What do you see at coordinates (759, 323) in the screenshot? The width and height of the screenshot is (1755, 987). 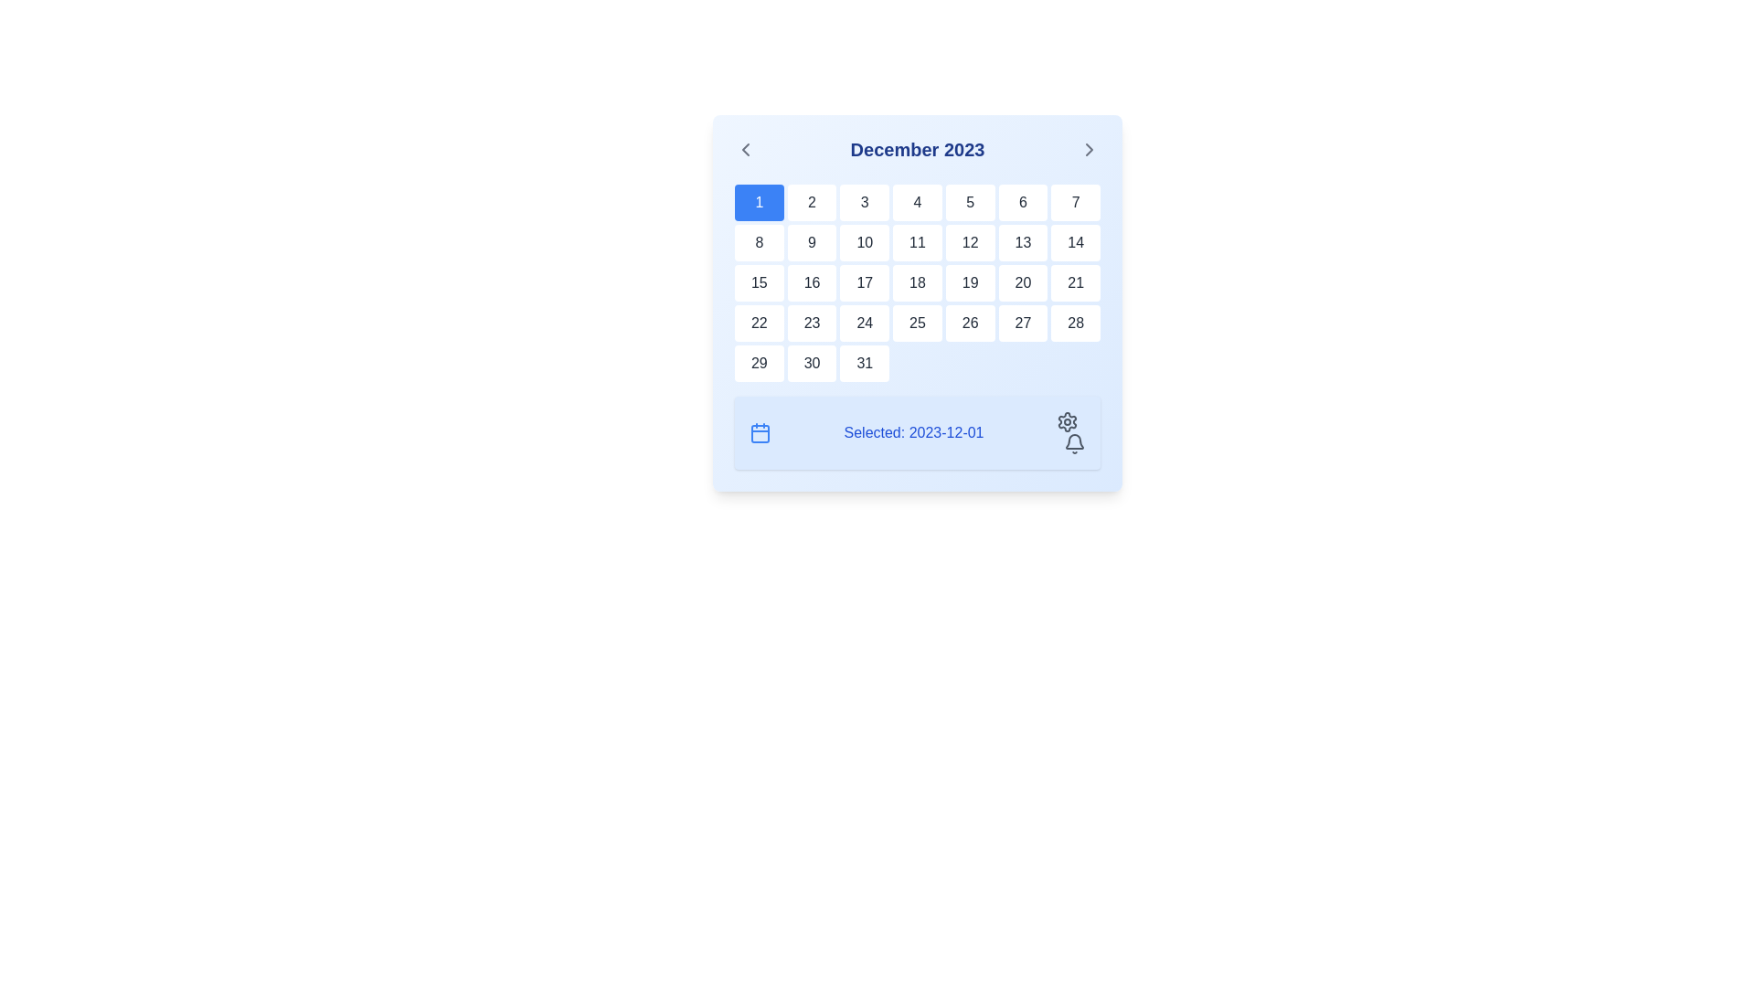 I see `the Date Cell representing the 22nd of December 2023 in the Calendar Grid` at bounding box center [759, 323].